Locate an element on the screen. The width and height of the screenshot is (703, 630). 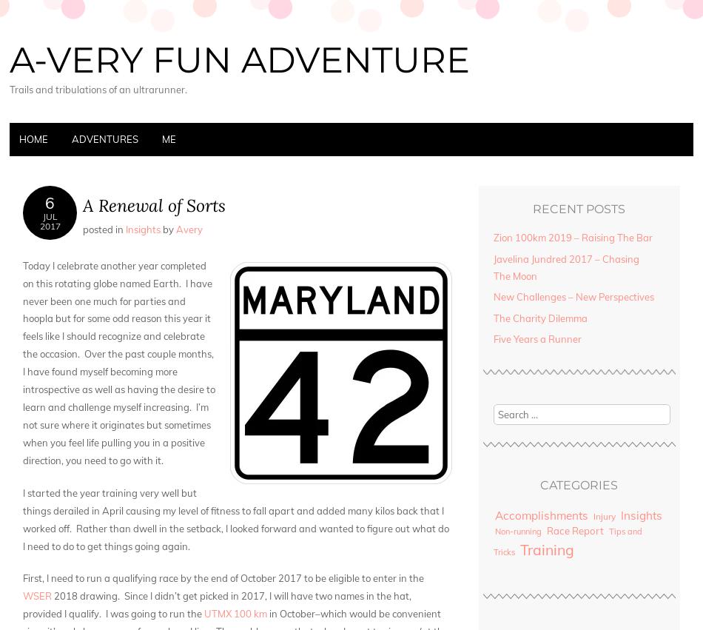
'Race Report' is located at coordinates (573, 529).